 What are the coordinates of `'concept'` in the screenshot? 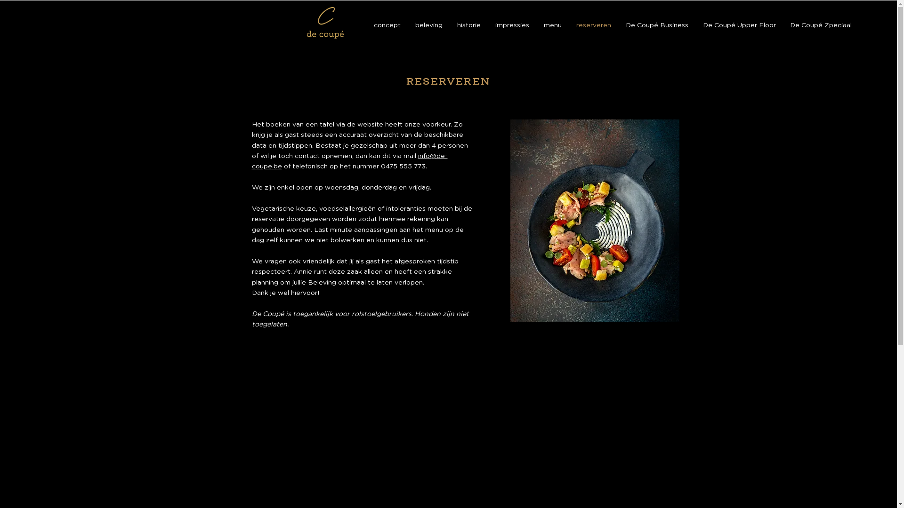 It's located at (387, 25).